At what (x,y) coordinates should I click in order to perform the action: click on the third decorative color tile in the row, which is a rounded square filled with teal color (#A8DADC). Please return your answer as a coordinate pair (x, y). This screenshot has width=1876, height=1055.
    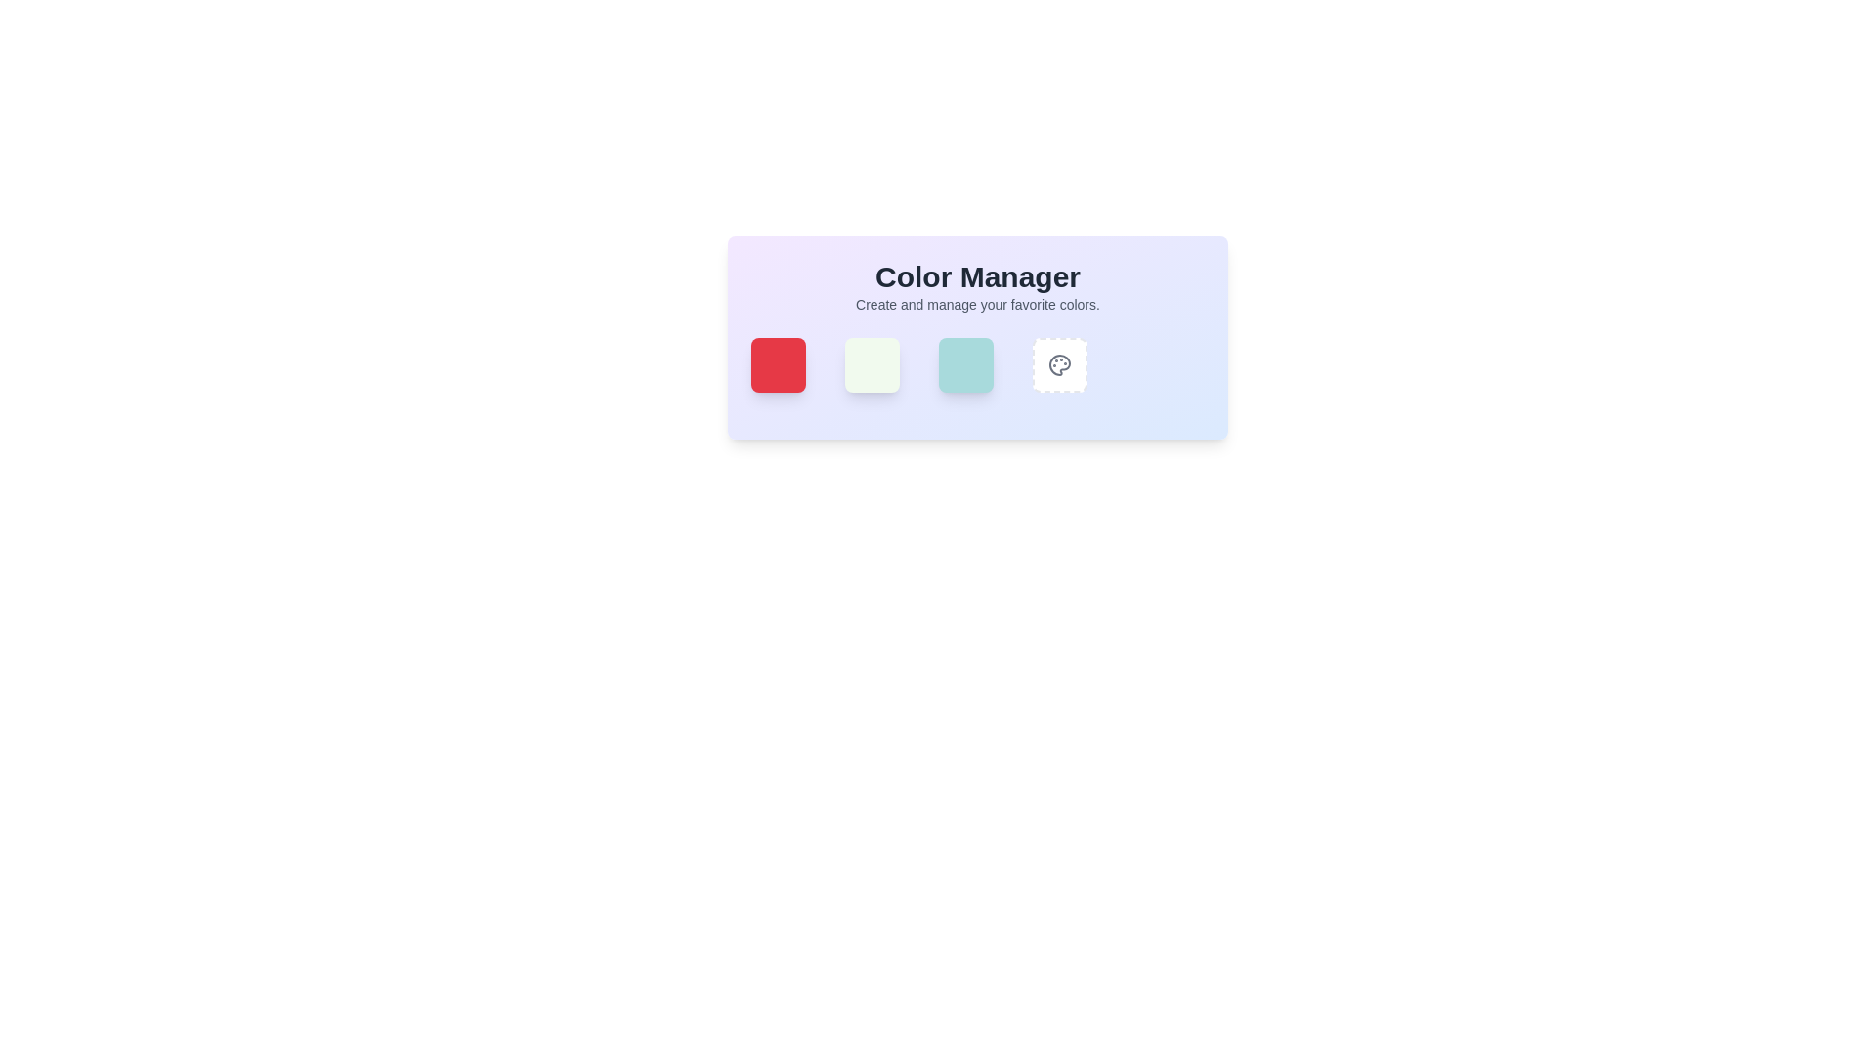
    Looking at the image, I should click on (978, 337).